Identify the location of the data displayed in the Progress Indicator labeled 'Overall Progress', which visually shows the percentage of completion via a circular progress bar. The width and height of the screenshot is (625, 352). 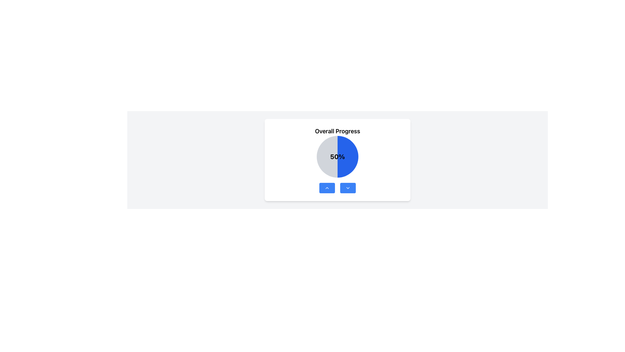
(337, 160).